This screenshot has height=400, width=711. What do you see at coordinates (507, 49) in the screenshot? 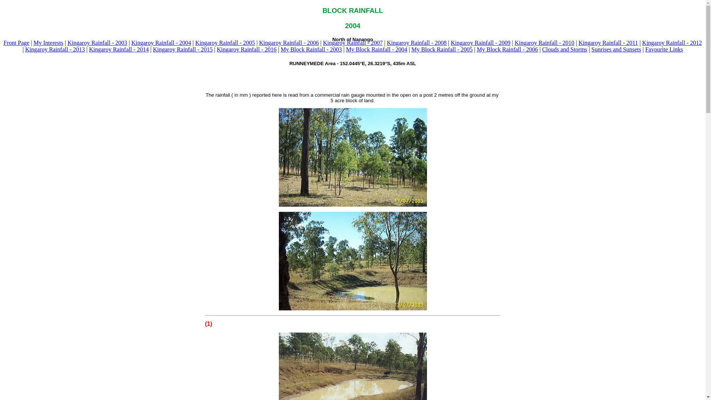
I see `'My Block Rainfall - 2006'` at bounding box center [507, 49].